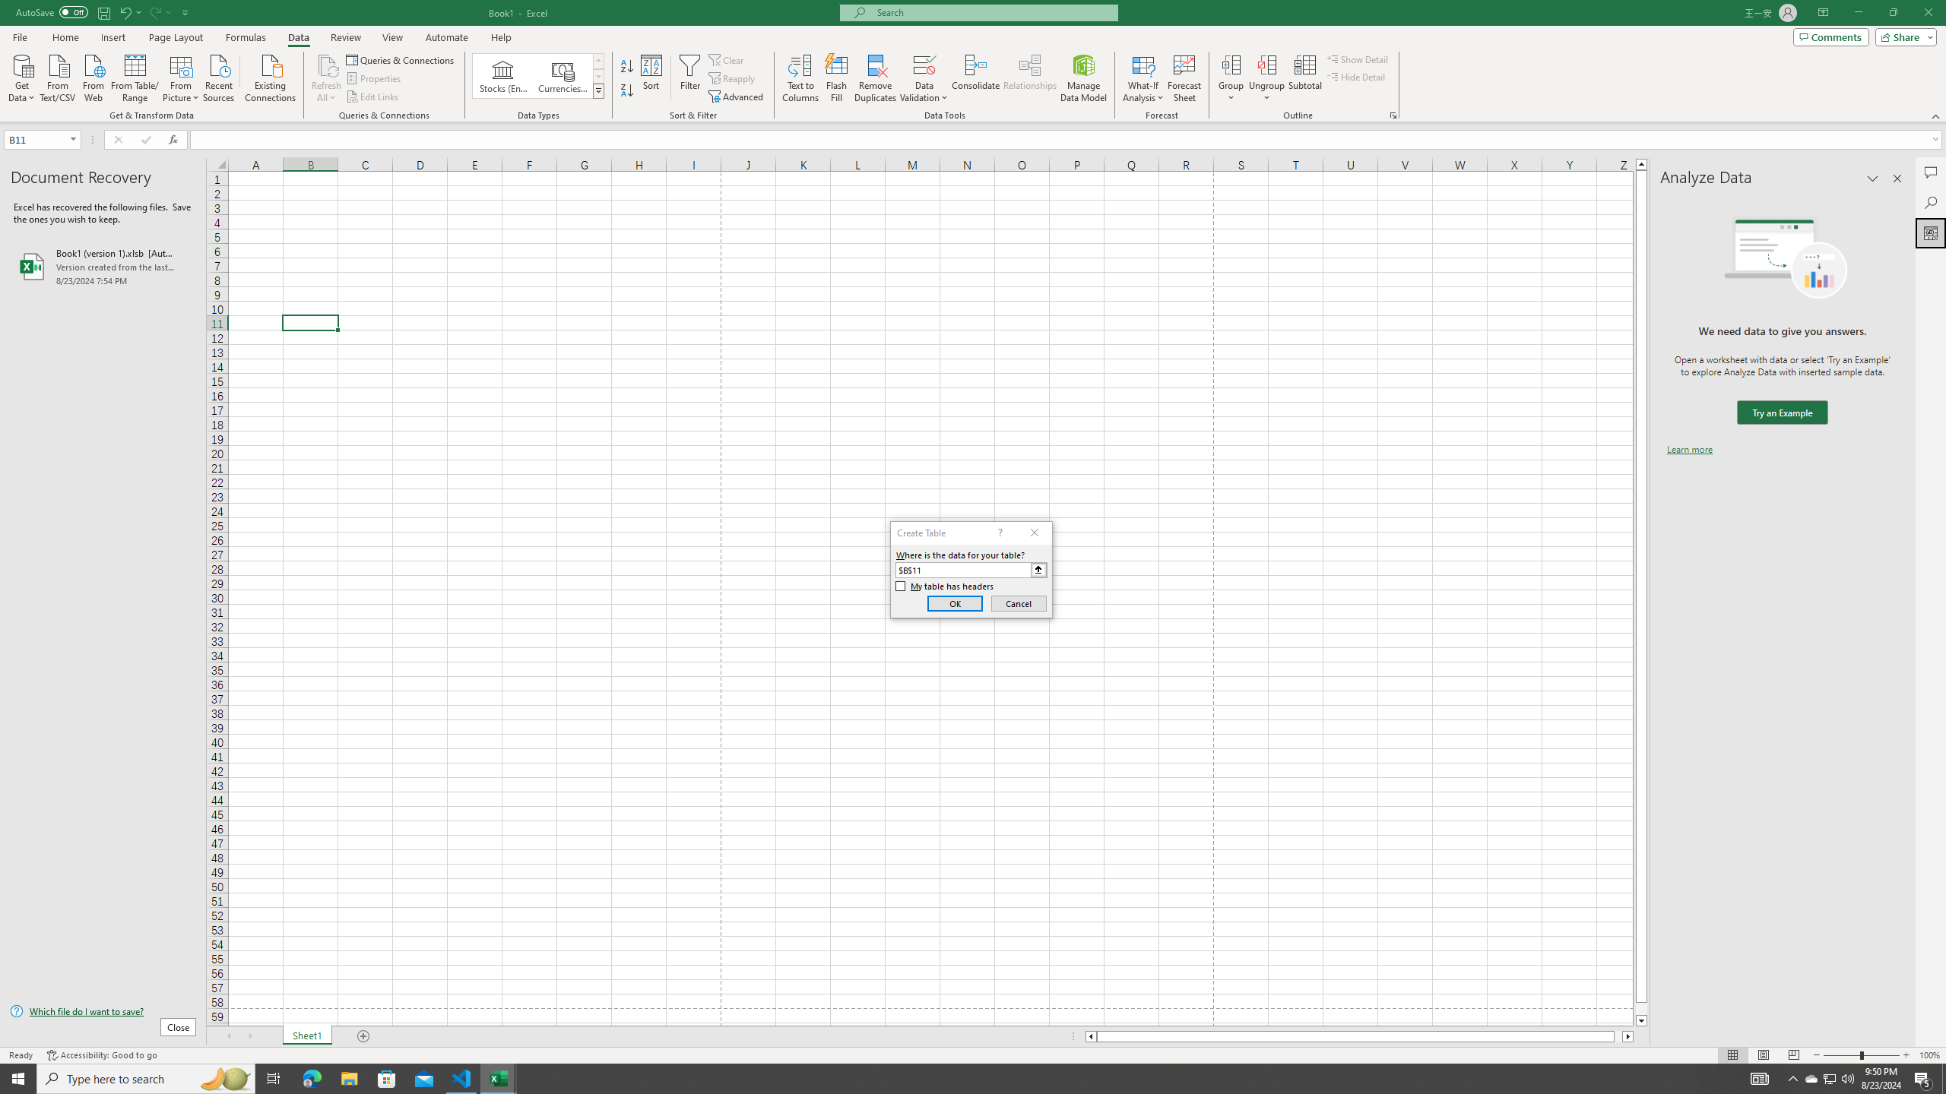 This screenshot has height=1094, width=1946. Describe the element at coordinates (269, 76) in the screenshot. I see `'Existing Connections'` at that location.